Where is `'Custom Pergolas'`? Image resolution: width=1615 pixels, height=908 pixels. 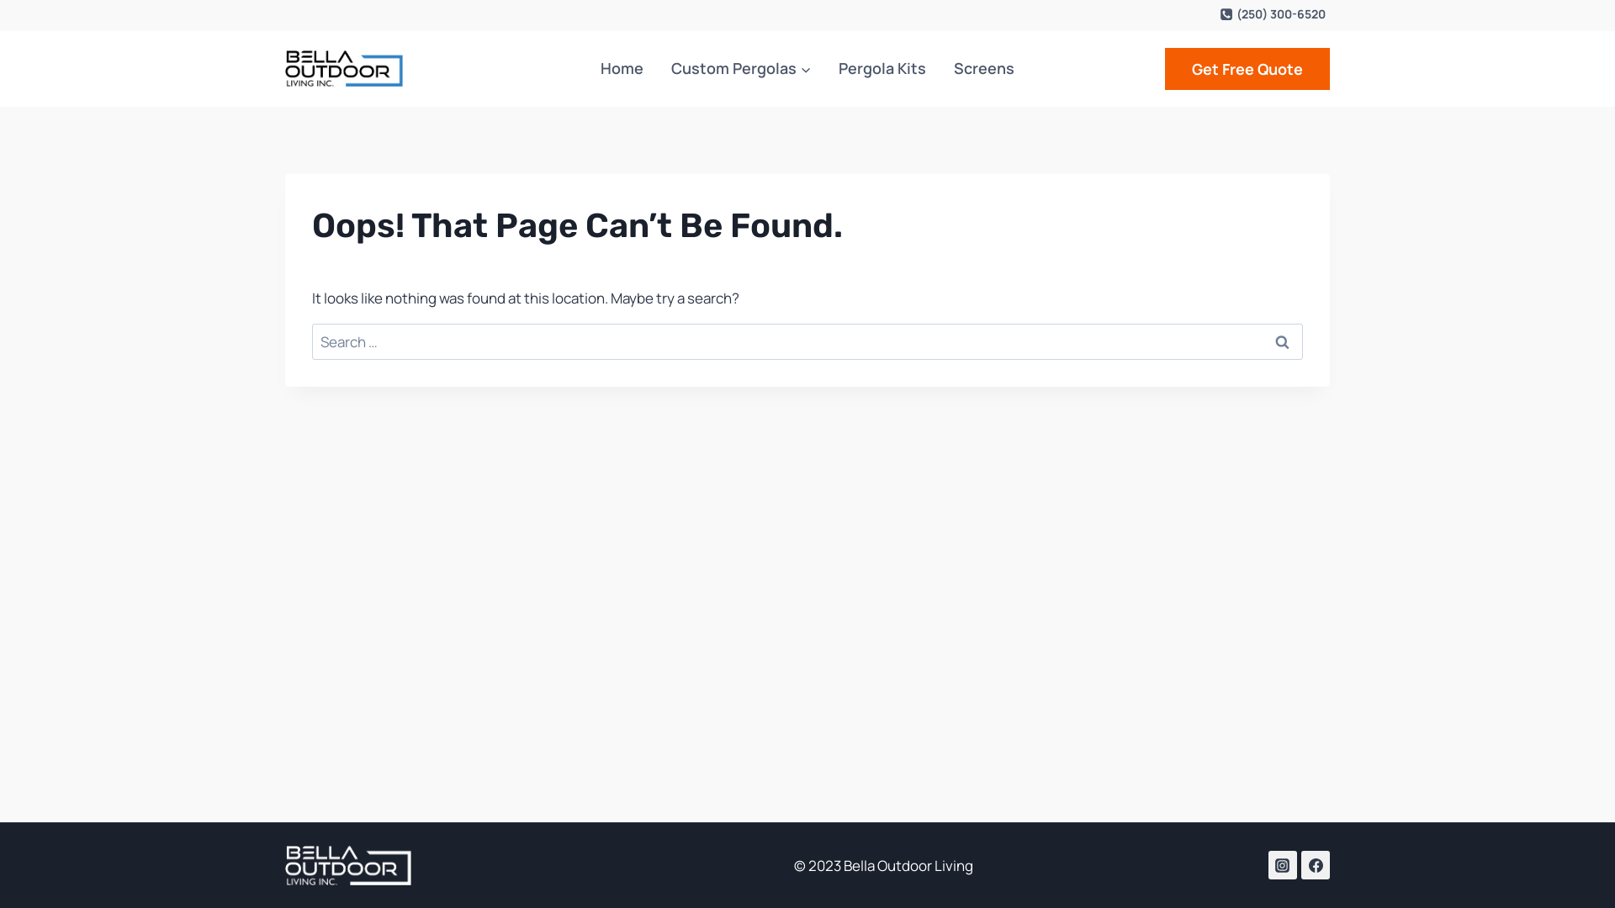 'Custom Pergolas' is located at coordinates (657, 67).